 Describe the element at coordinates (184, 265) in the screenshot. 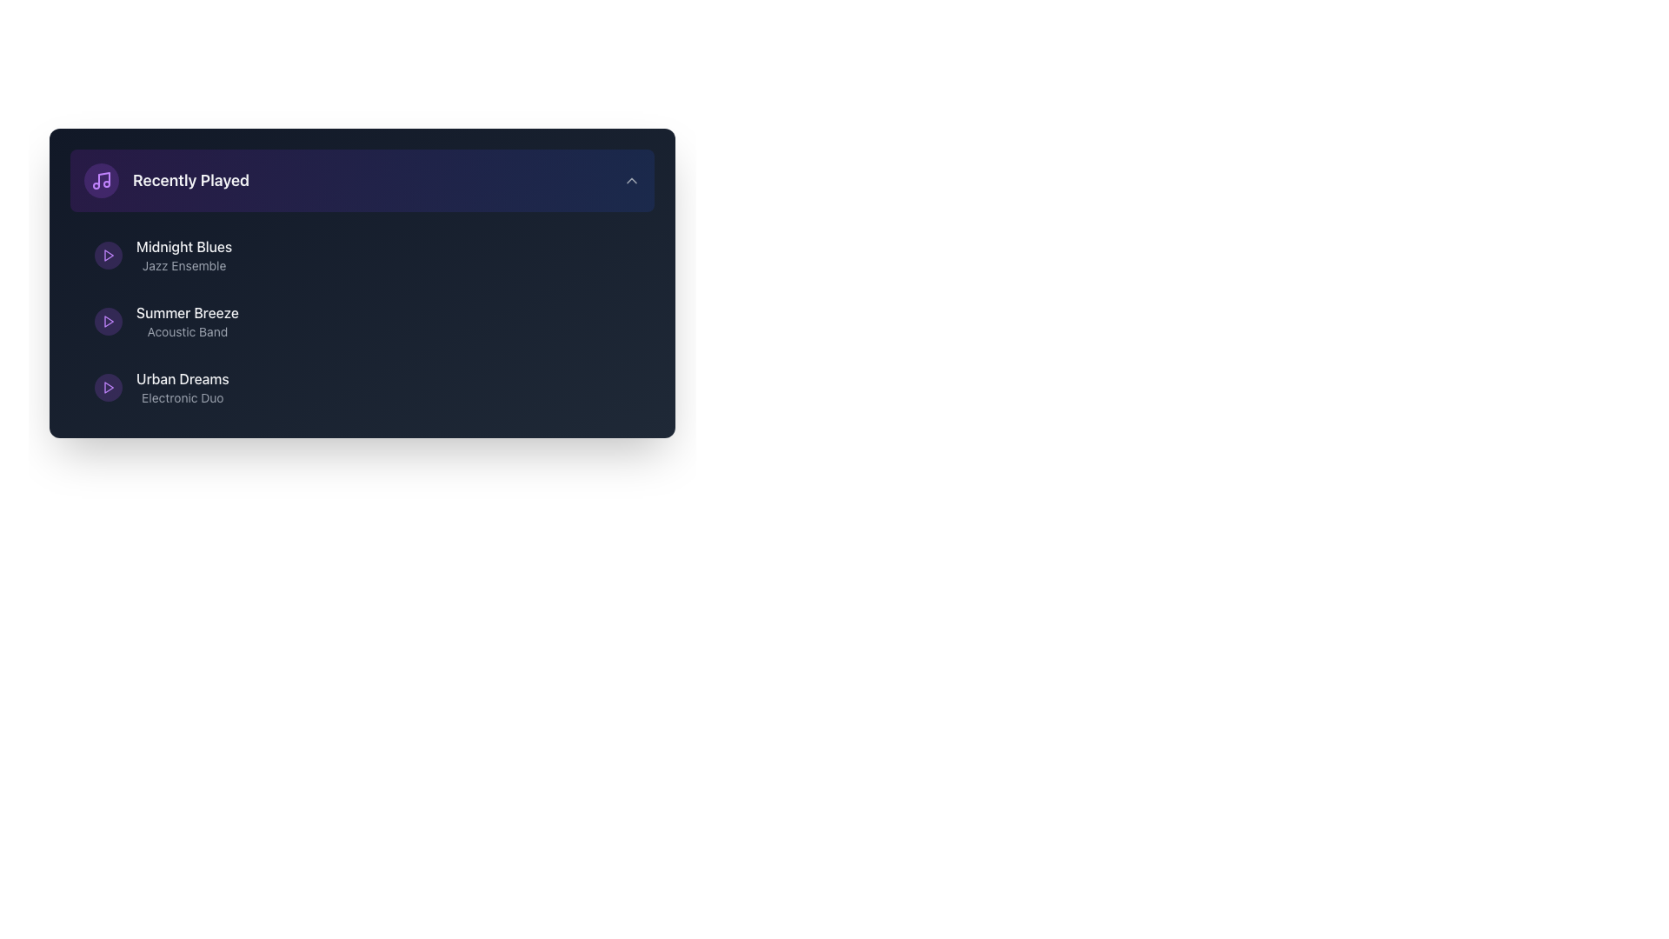

I see `the text content of the subtitle 'Jazz Ensemble' located directly below the main title 'Midnight Blues' in the top-left quadrant of the interface` at that location.